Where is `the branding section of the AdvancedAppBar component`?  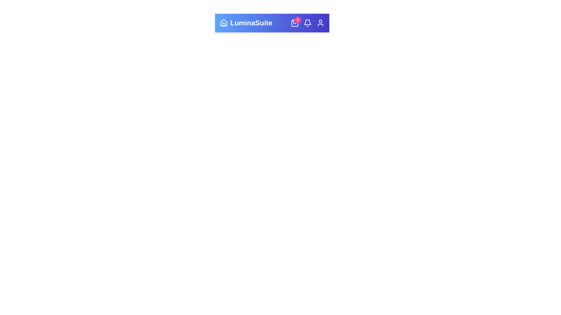 the branding section of the AdvancedAppBar component is located at coordinates (246, 22).